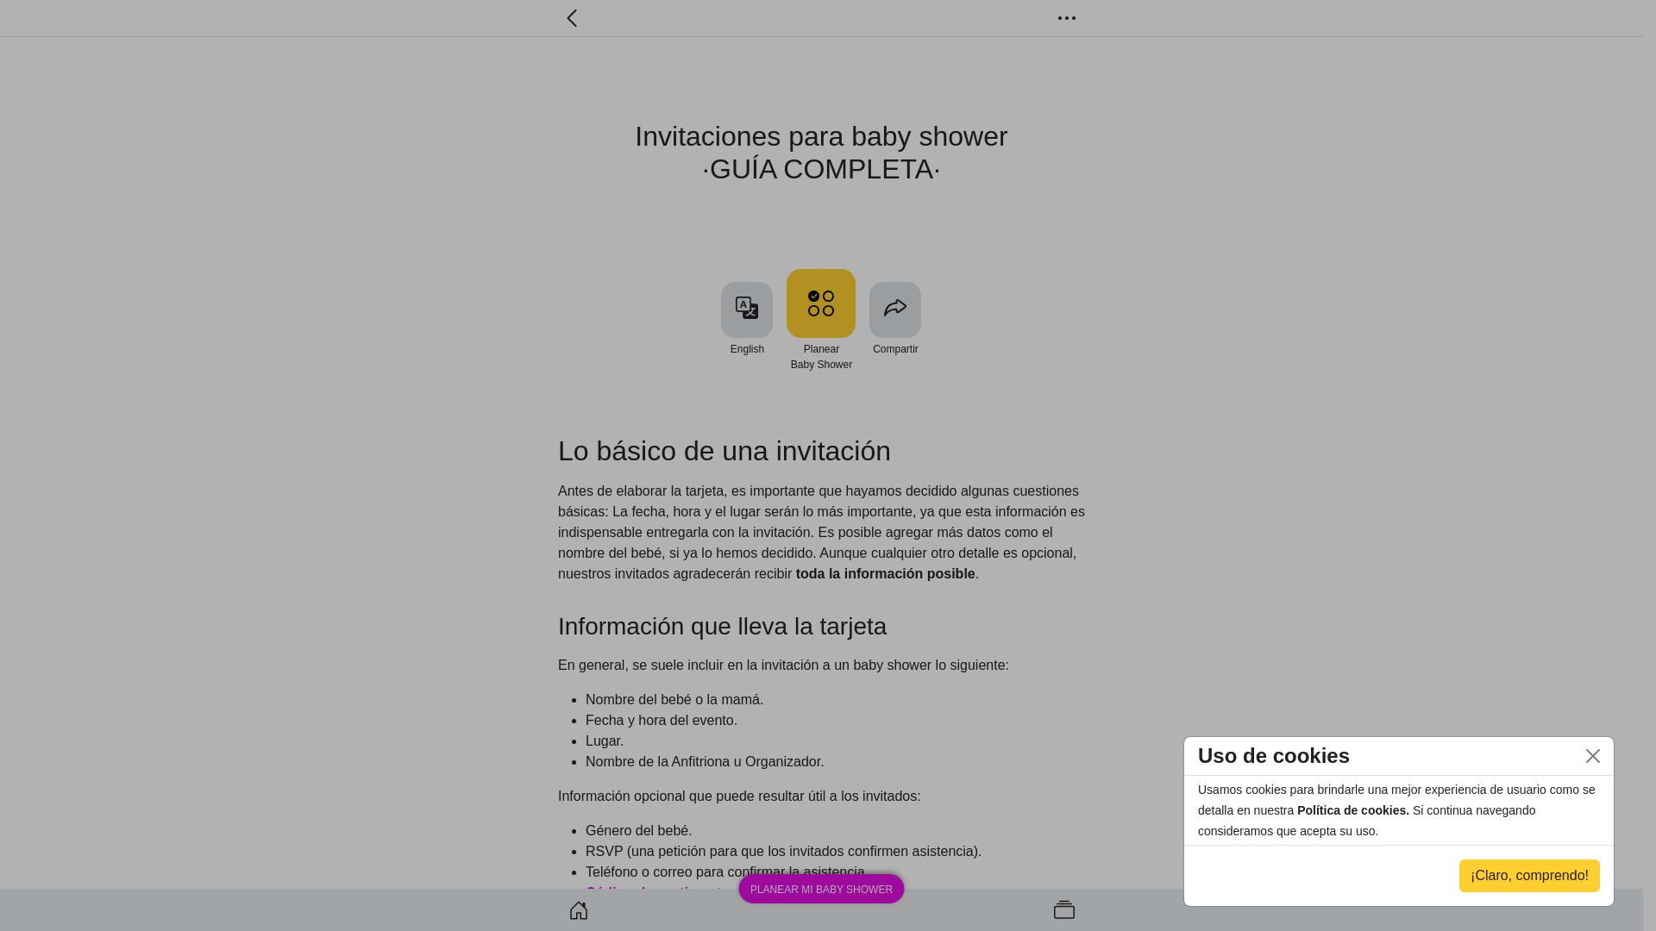 This screenshot has width=1656, height=931. I want to click on 'Baby shower home', so click(579, 909).